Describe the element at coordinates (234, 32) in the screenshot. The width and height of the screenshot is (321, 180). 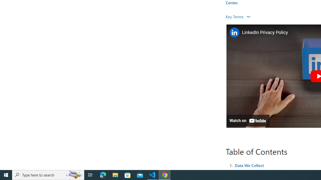
I see `'Photo image of LinkedIn'` at that location.